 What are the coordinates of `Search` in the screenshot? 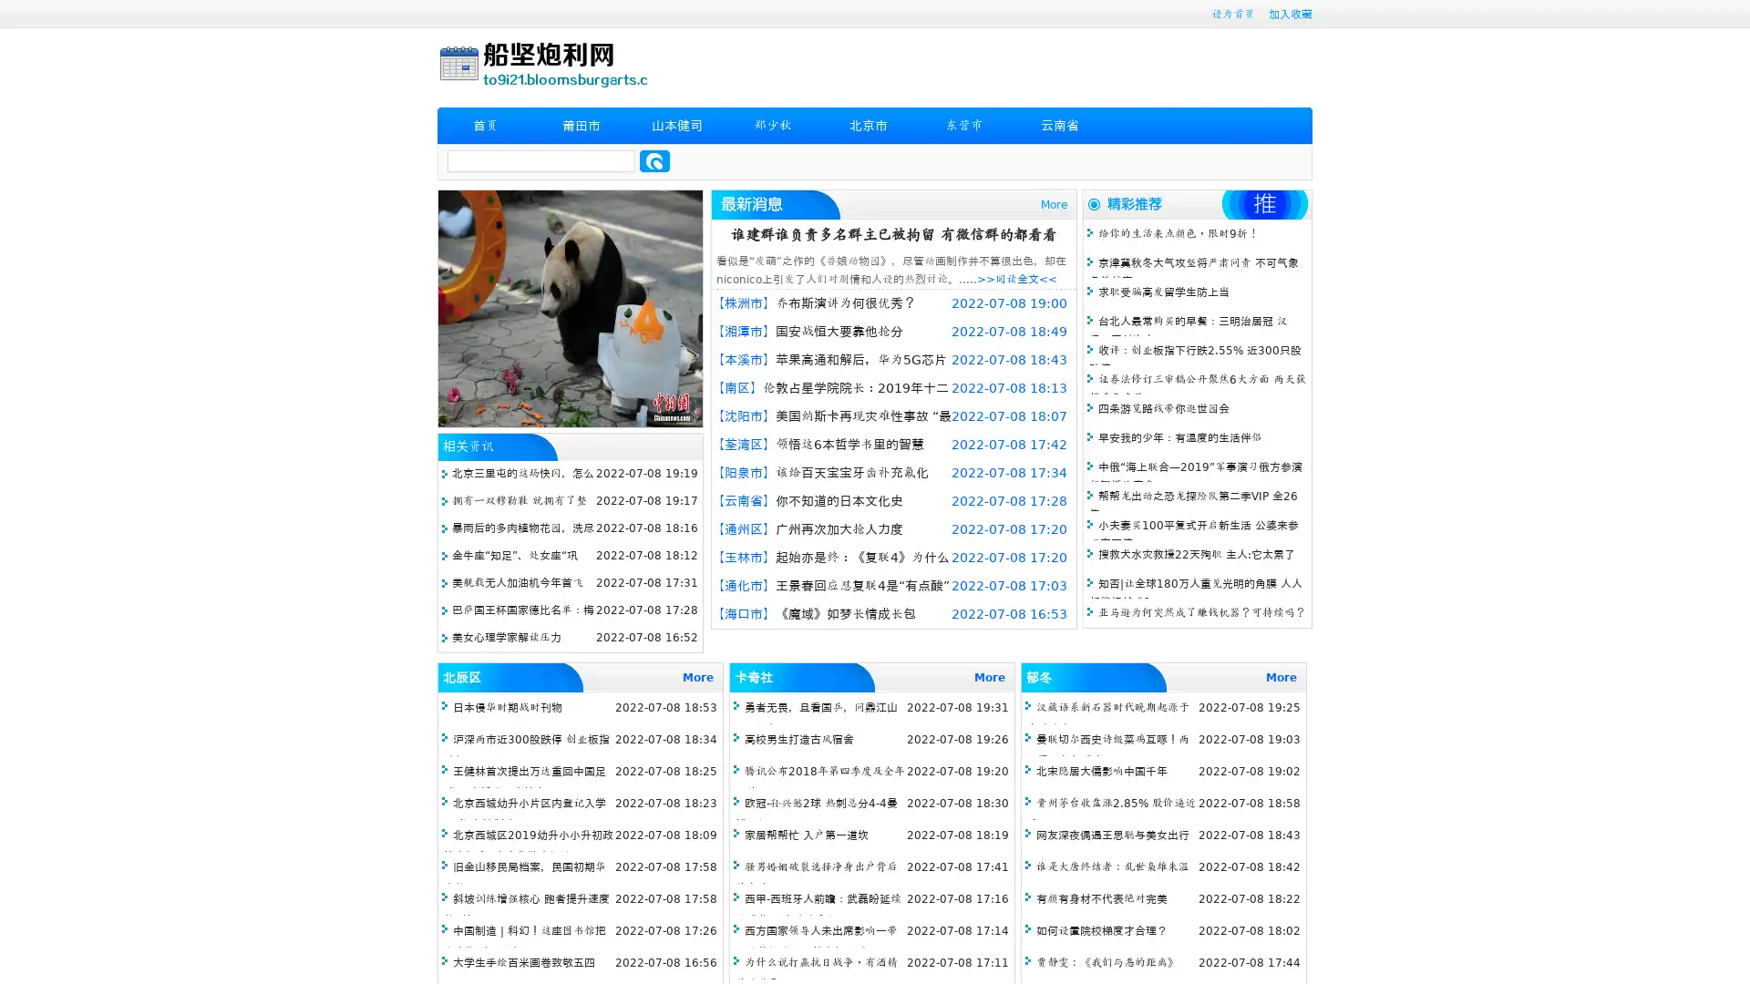 It's located at (654, 160).